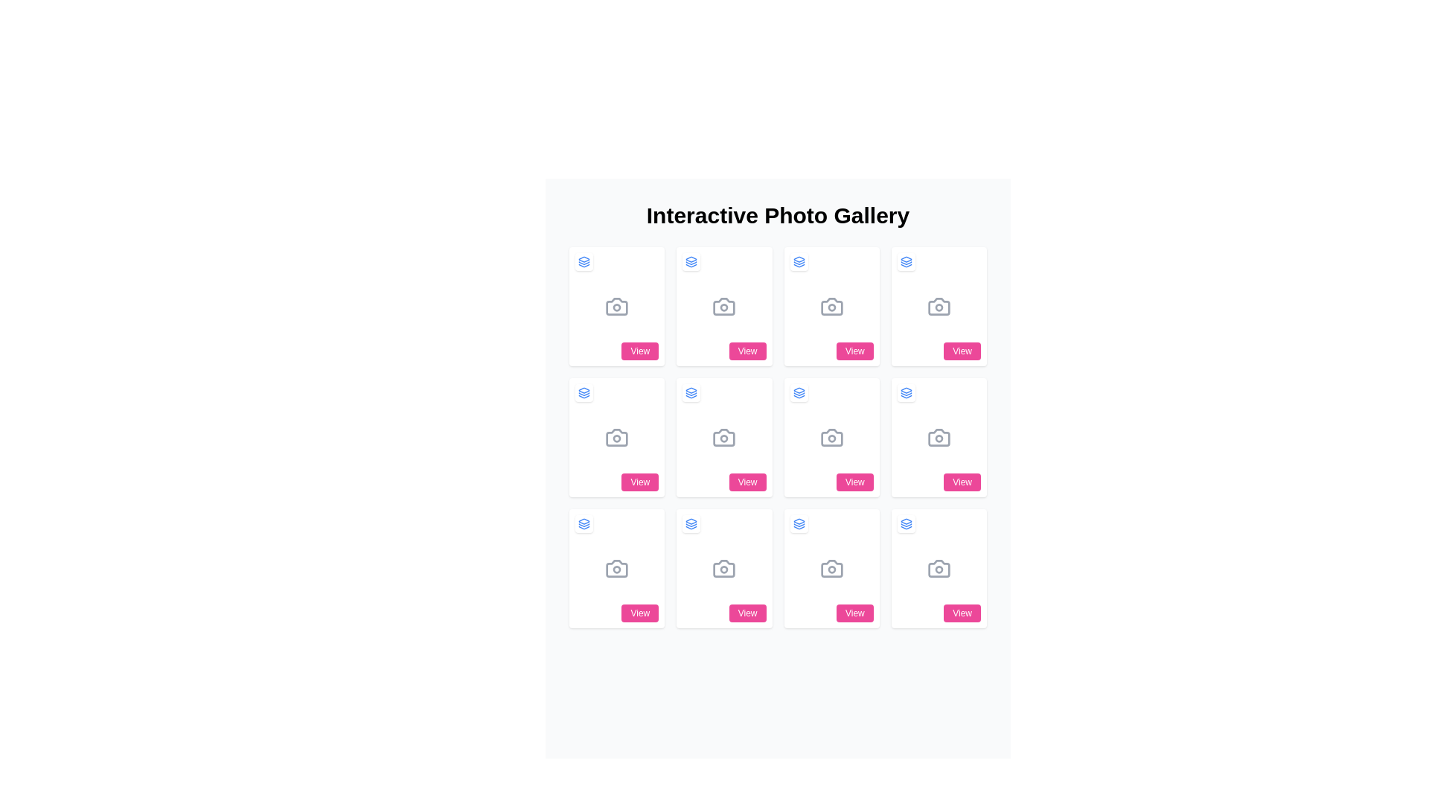 The height and width of the screenshot is (804, 1429). Describe the element at coordinates (962, 482) in the screenshot. I see `the 'View' button located in the bottom-right corner of the third row, third column of the grid layout` at that location.